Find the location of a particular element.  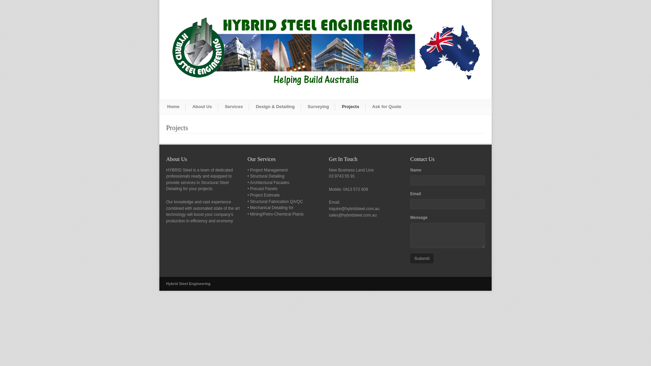

'Home' is located at coordinates (173, 107).